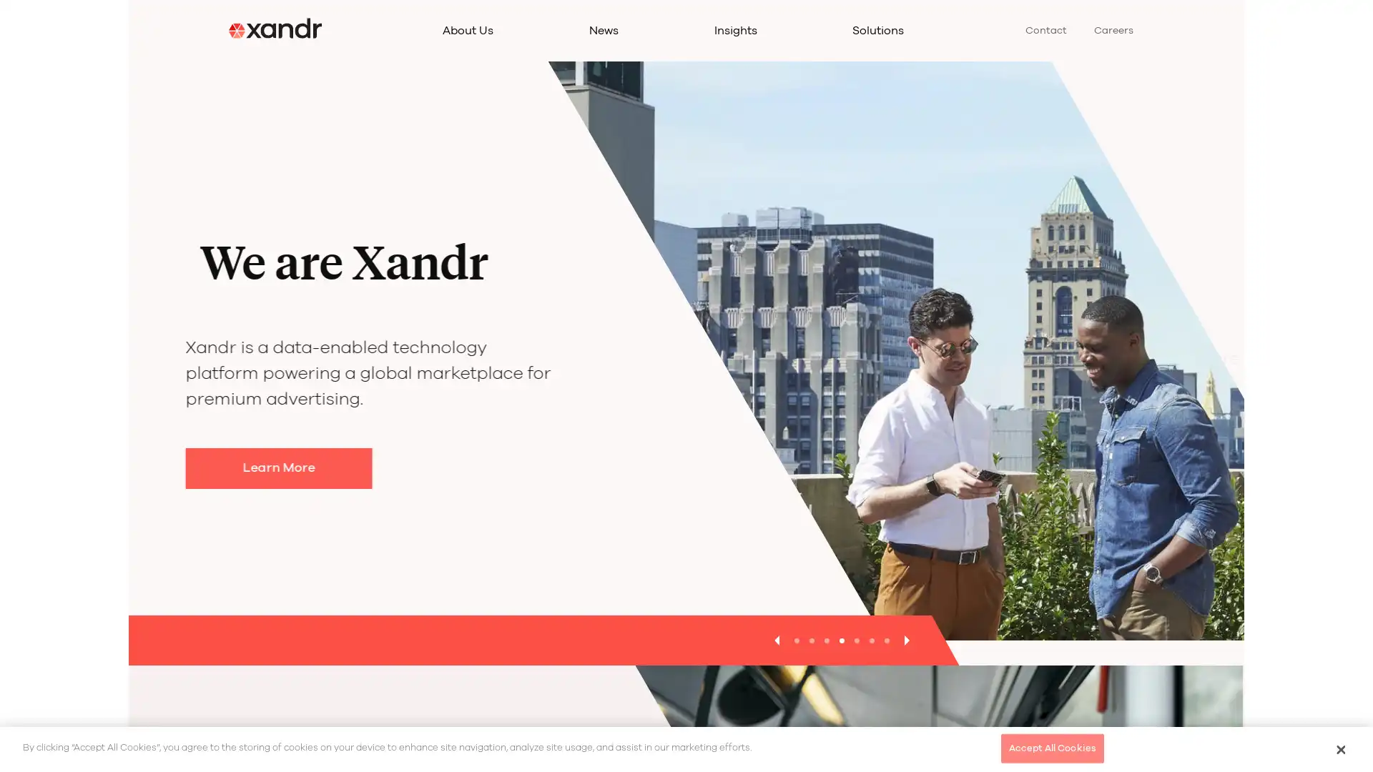 This screenshot has width=1373, height=772. I want to click on Accept All Cookies, so click(1052, 747).